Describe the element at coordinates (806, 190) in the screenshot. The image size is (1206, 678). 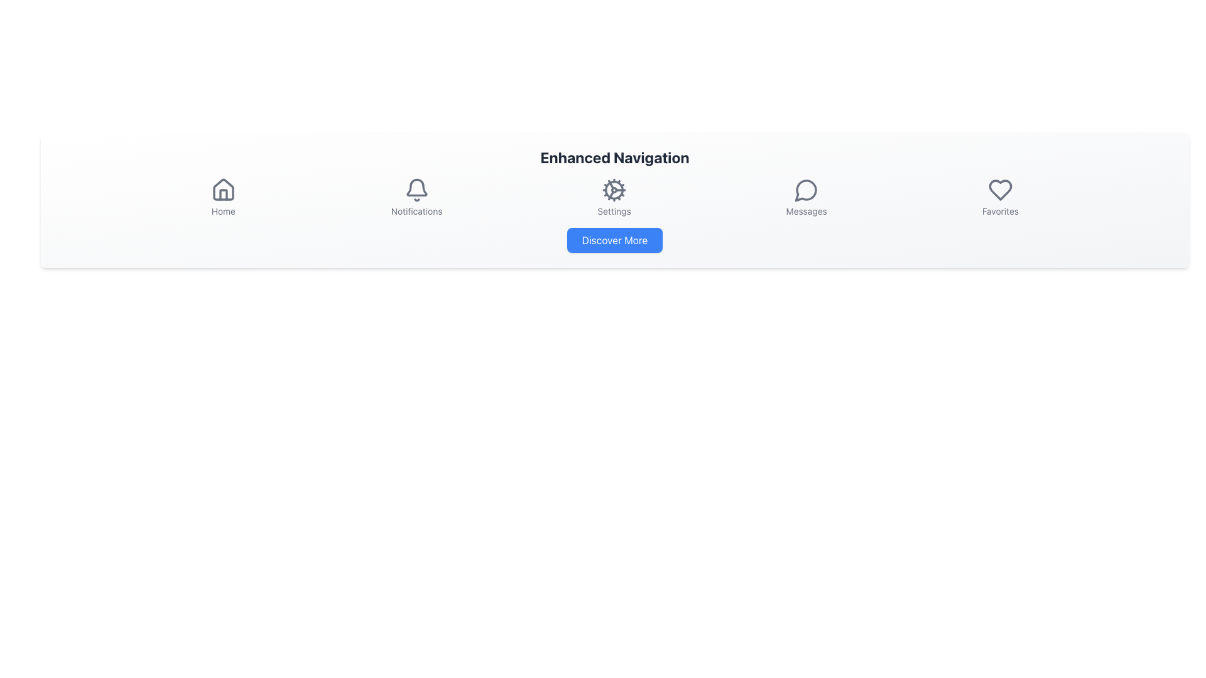
I see `the 'Messages' icon located in the centralized navigation bar, positioned between 'Settings' and 'Favorites'` at that location.